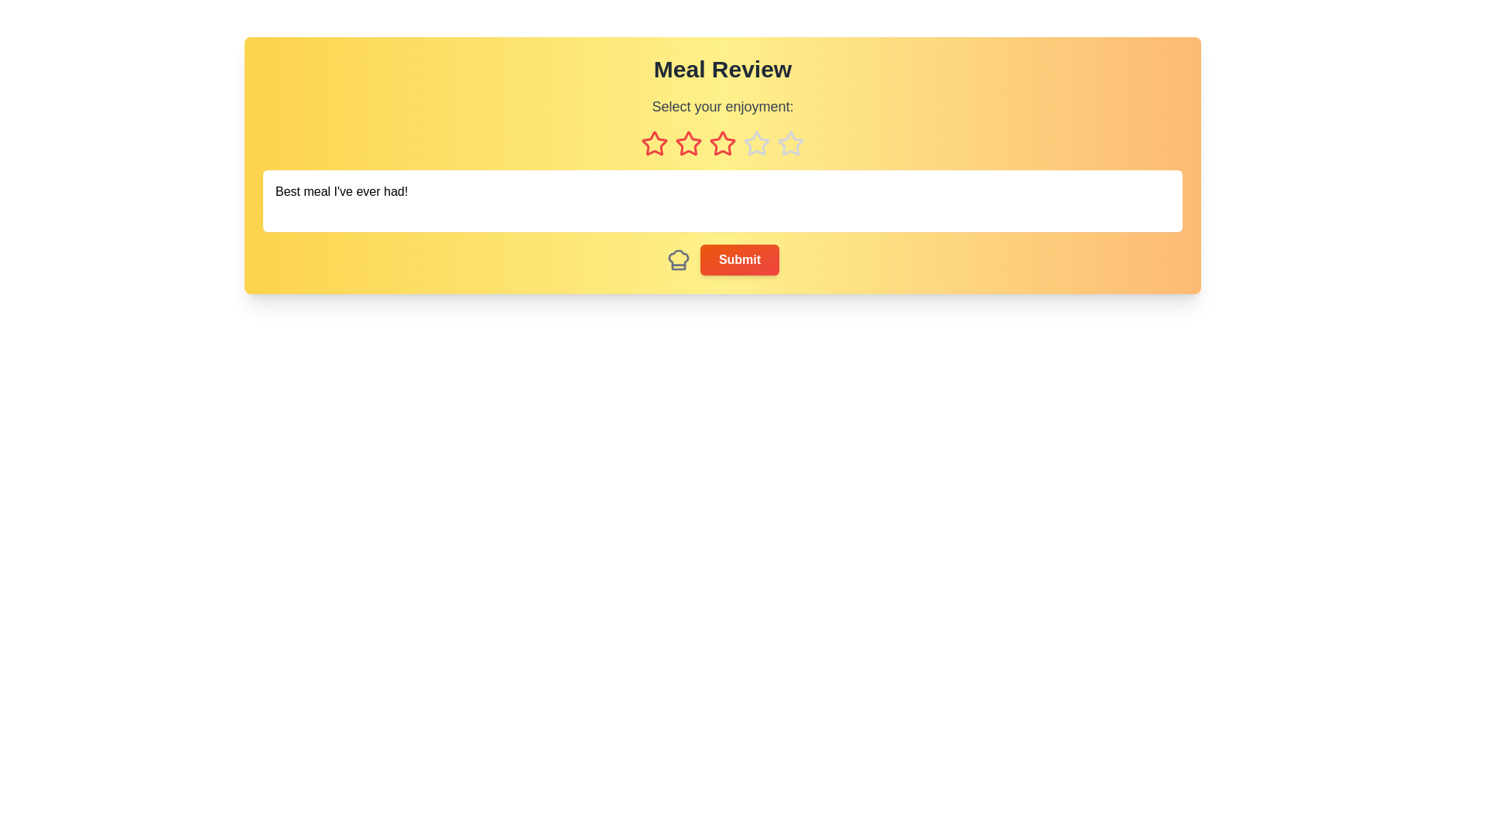 The image size is (1486, 836). I want to click on the fourth star icon in the row of five star-shaped rating options, so click(791, 143).